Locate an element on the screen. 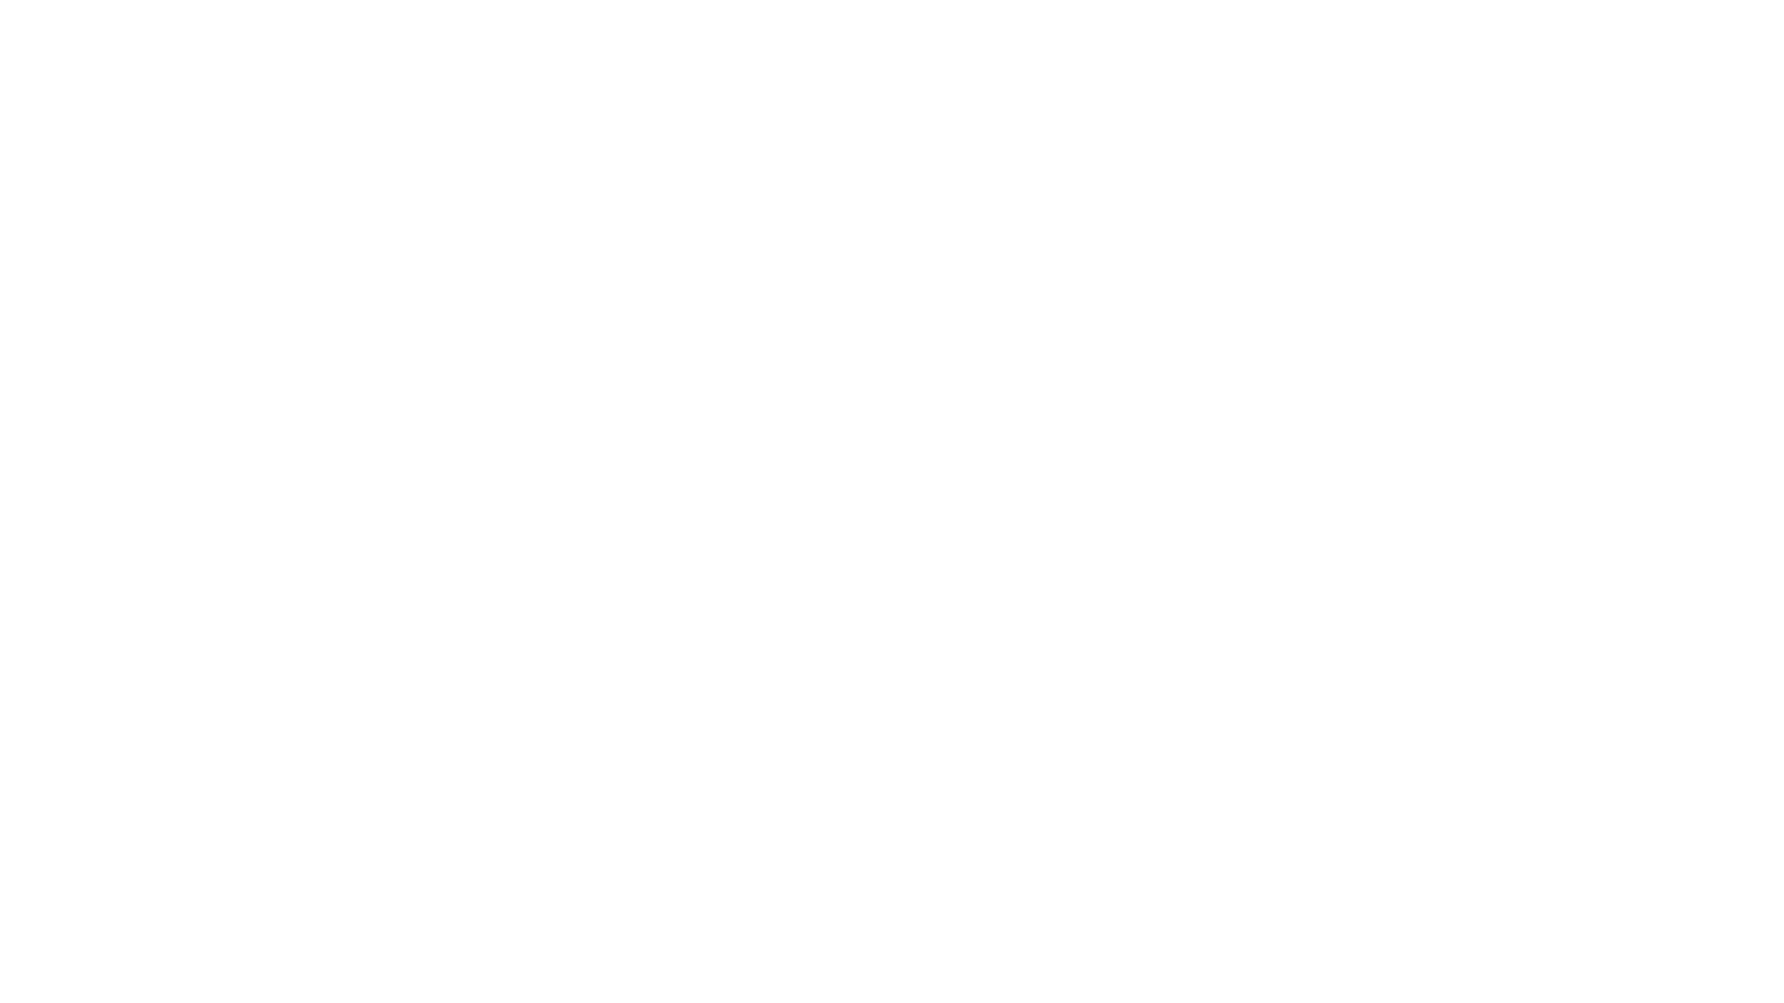 The height and width of the screenshot is (1003, 1784). SOUHLASIM SE VSEMI is located at coordinates (453, 965).